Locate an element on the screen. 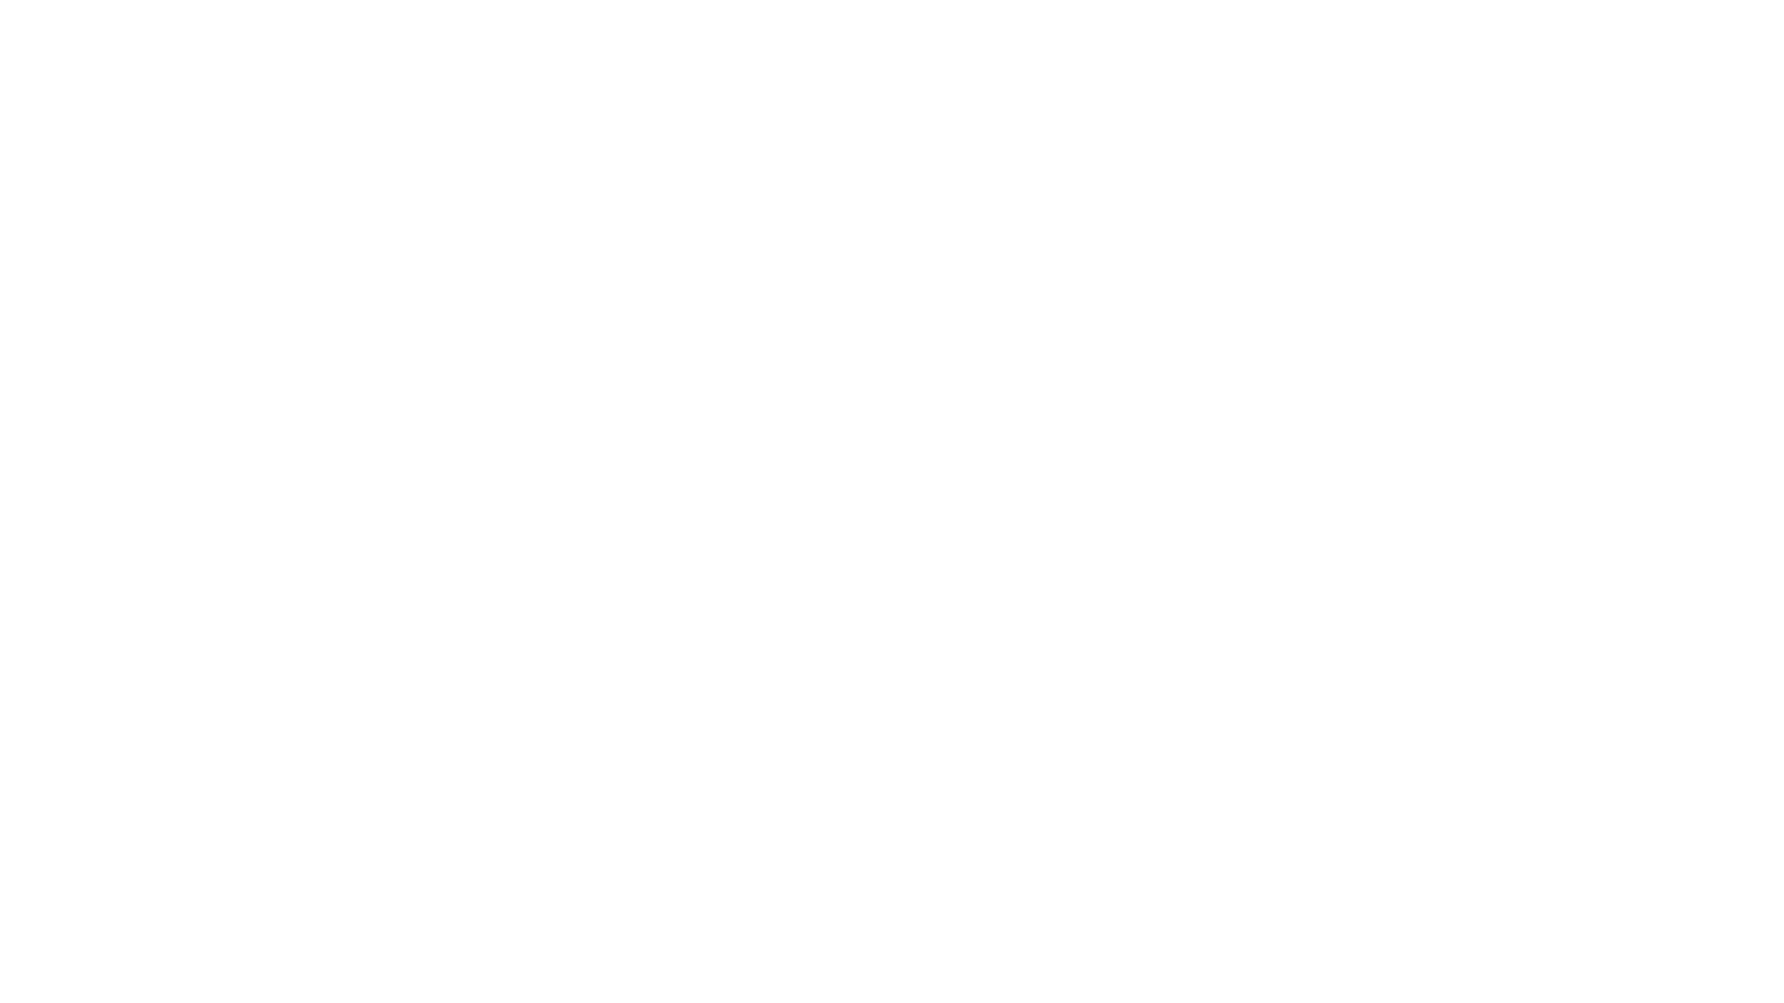 The height and width of the screenshot is (1003, 1784). SOUHLASIM SE VSEMI is located at coordinates (453, 965).